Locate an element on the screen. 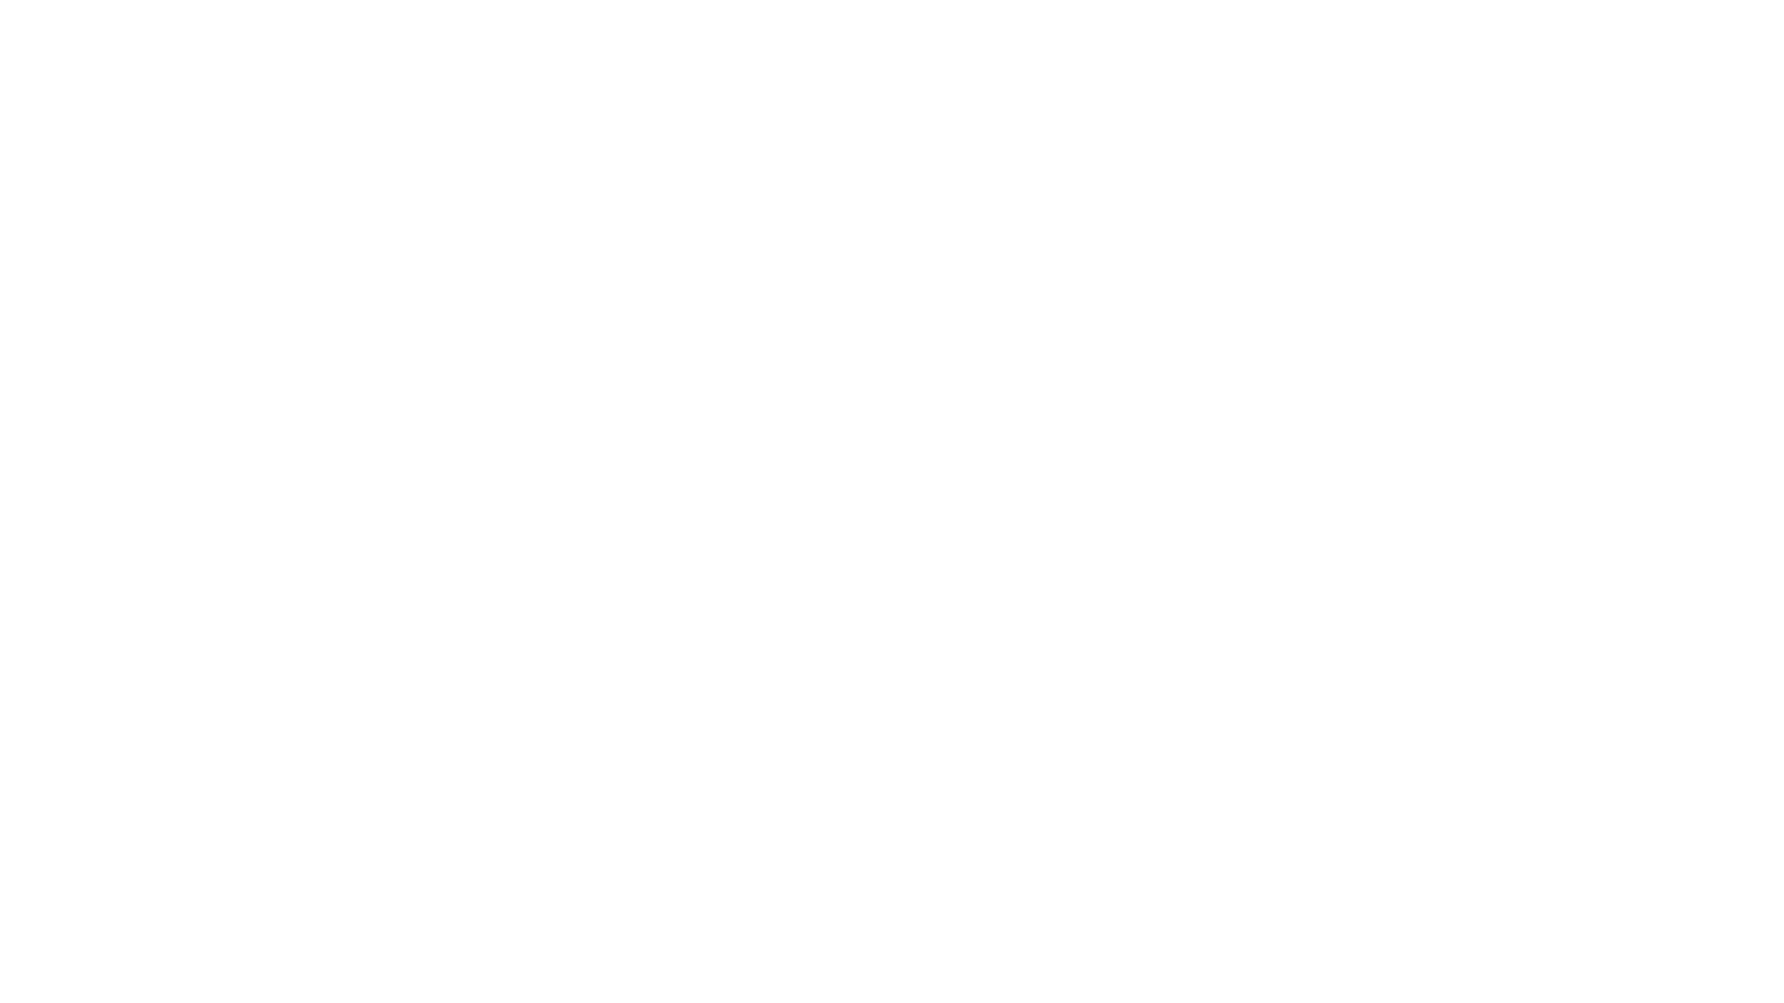 The height and width of the screenshot is (1003, 1784). SOUHLASIM SE VSEMI is located at coordinates (453, 965).